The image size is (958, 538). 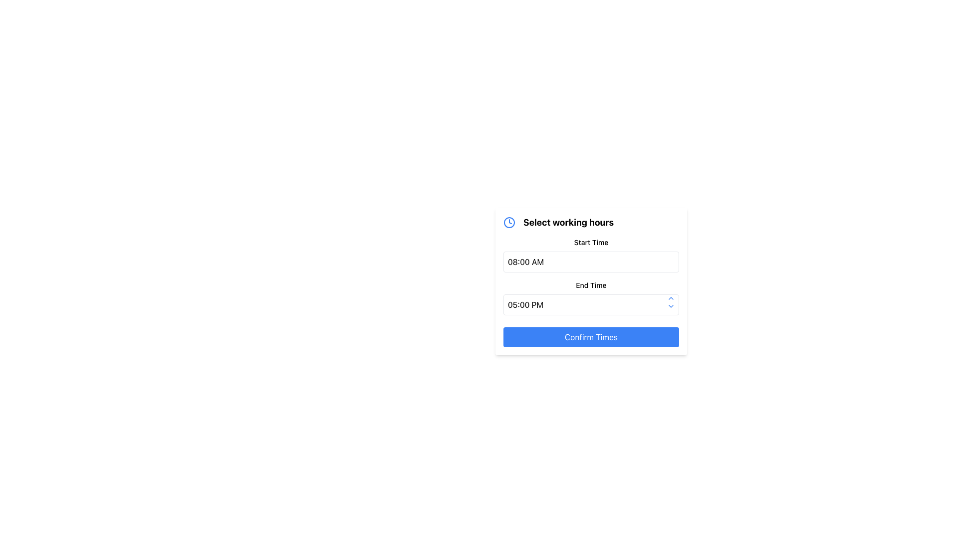 I want to click on the blue chevron-up icon located at the top-right corner of the interface, so click(x=671, y=297).